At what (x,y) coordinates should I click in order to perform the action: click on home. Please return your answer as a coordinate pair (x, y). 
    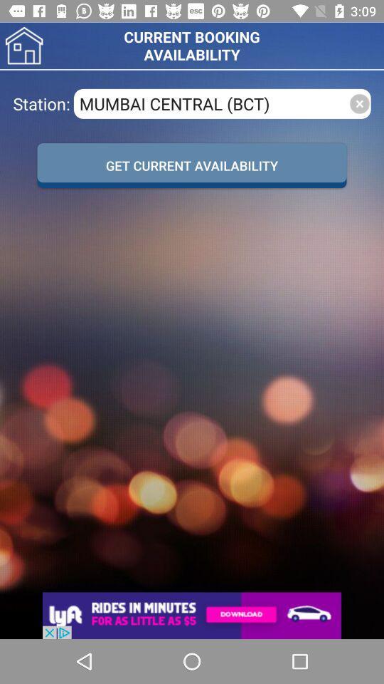
    Looking at the image, I should click on (23, 46).